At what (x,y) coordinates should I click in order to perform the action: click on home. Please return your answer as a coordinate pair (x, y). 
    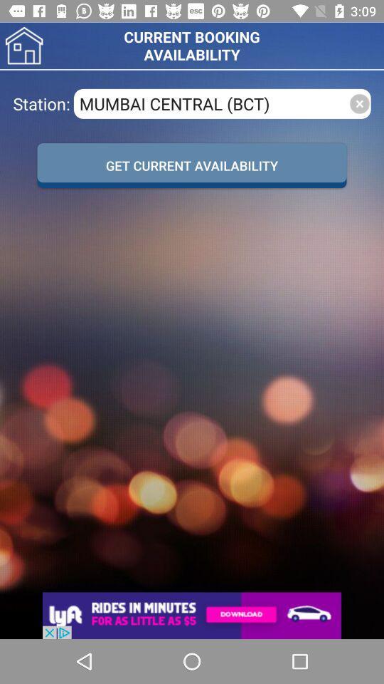
    Looking at the image, I should click on (23, 46).